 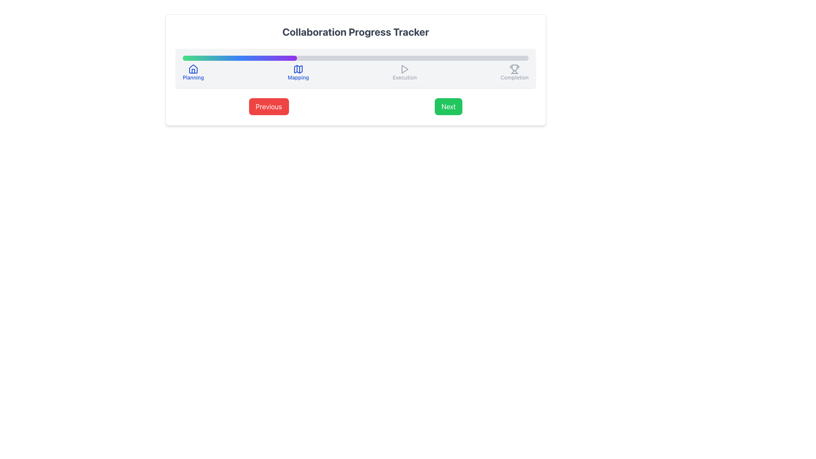 I want to click on the Step indicator labeled 'Mapping', which features a blue map icon above the text, positioned between 'Planning' and 'Execution' in the step tracker, so click(x=298, y=72).